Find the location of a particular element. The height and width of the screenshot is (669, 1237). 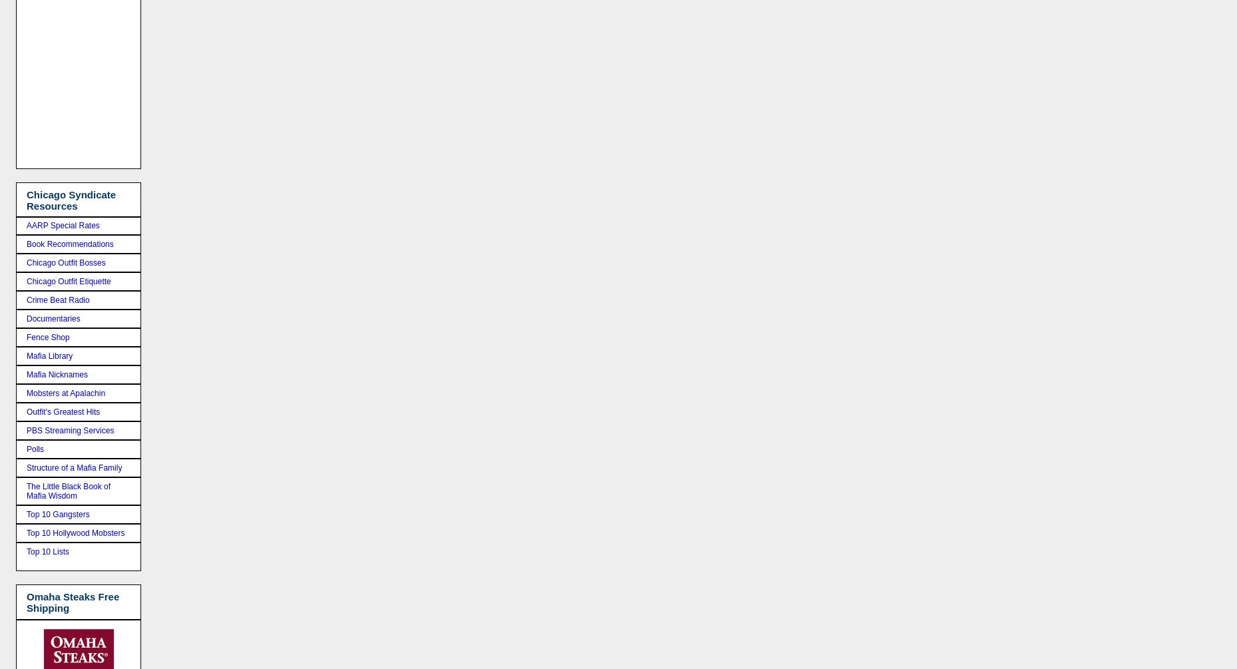

'Top 10 Lists' is located at coordinates (47, 552).